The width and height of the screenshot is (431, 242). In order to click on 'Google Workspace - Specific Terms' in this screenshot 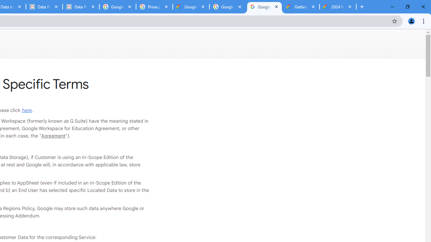, I will do `click(264, 7)`.